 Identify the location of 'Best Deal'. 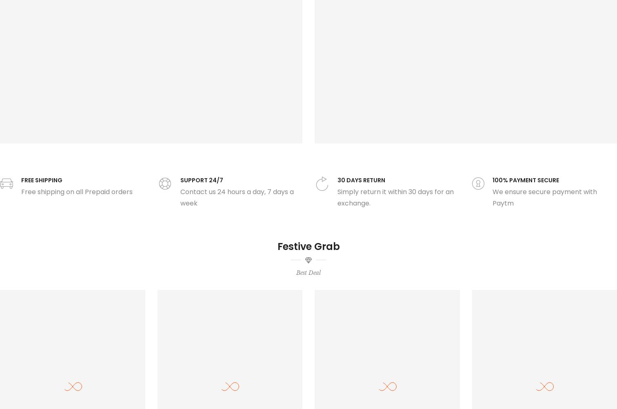
(308, 272).